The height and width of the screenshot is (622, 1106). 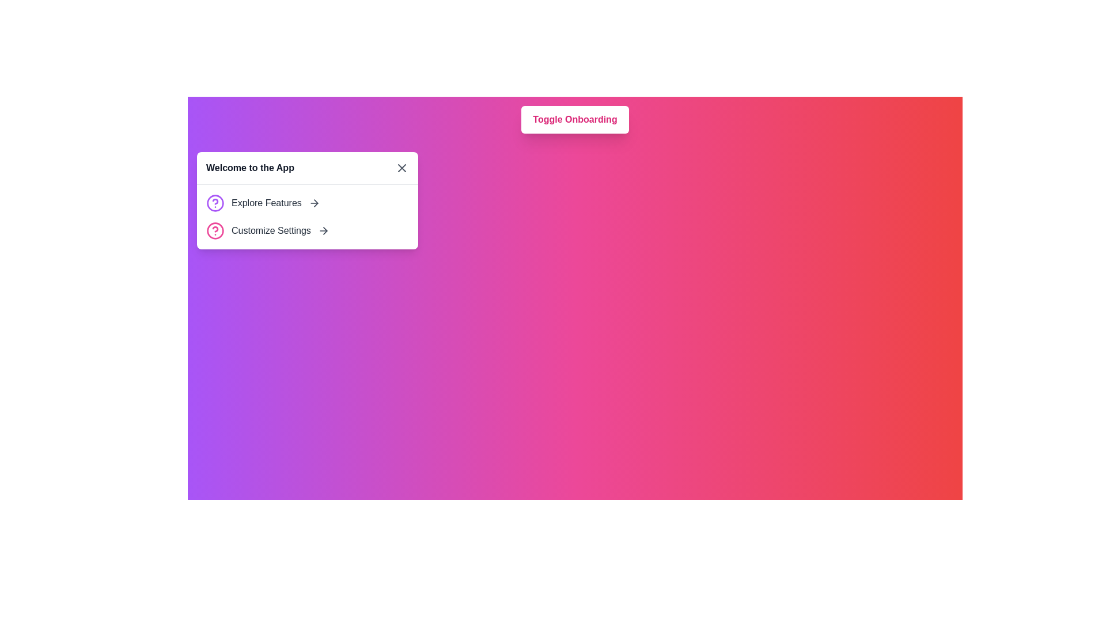 I want to click on the 'Customize Settings' text label, which is a medium-weight dark gray font located in the second row of options in the 'Welcome to the App' panel, so click(x=270, y=231).